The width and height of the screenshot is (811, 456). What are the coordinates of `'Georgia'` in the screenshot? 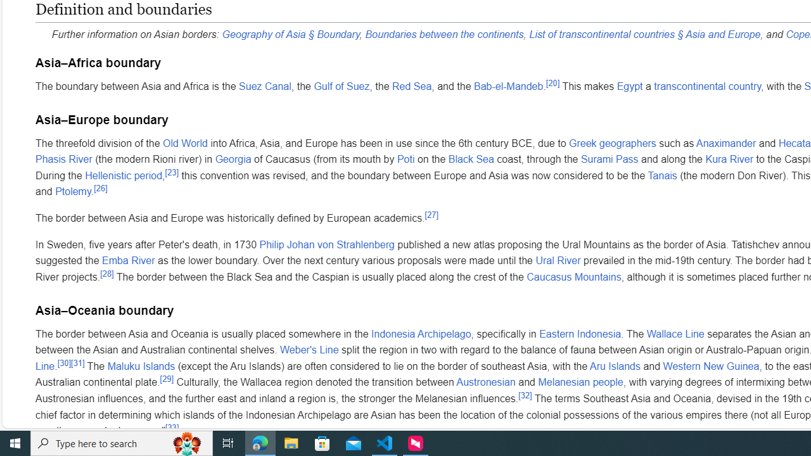 It's located at (233, 158).